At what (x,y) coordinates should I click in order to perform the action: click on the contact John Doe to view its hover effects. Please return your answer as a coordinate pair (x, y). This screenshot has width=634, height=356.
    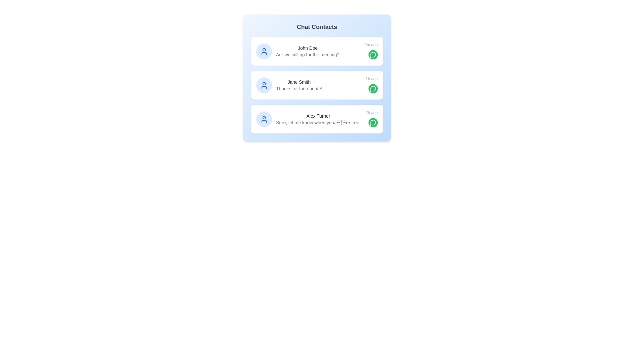
    Looking at the image, I should click on (317, 51).